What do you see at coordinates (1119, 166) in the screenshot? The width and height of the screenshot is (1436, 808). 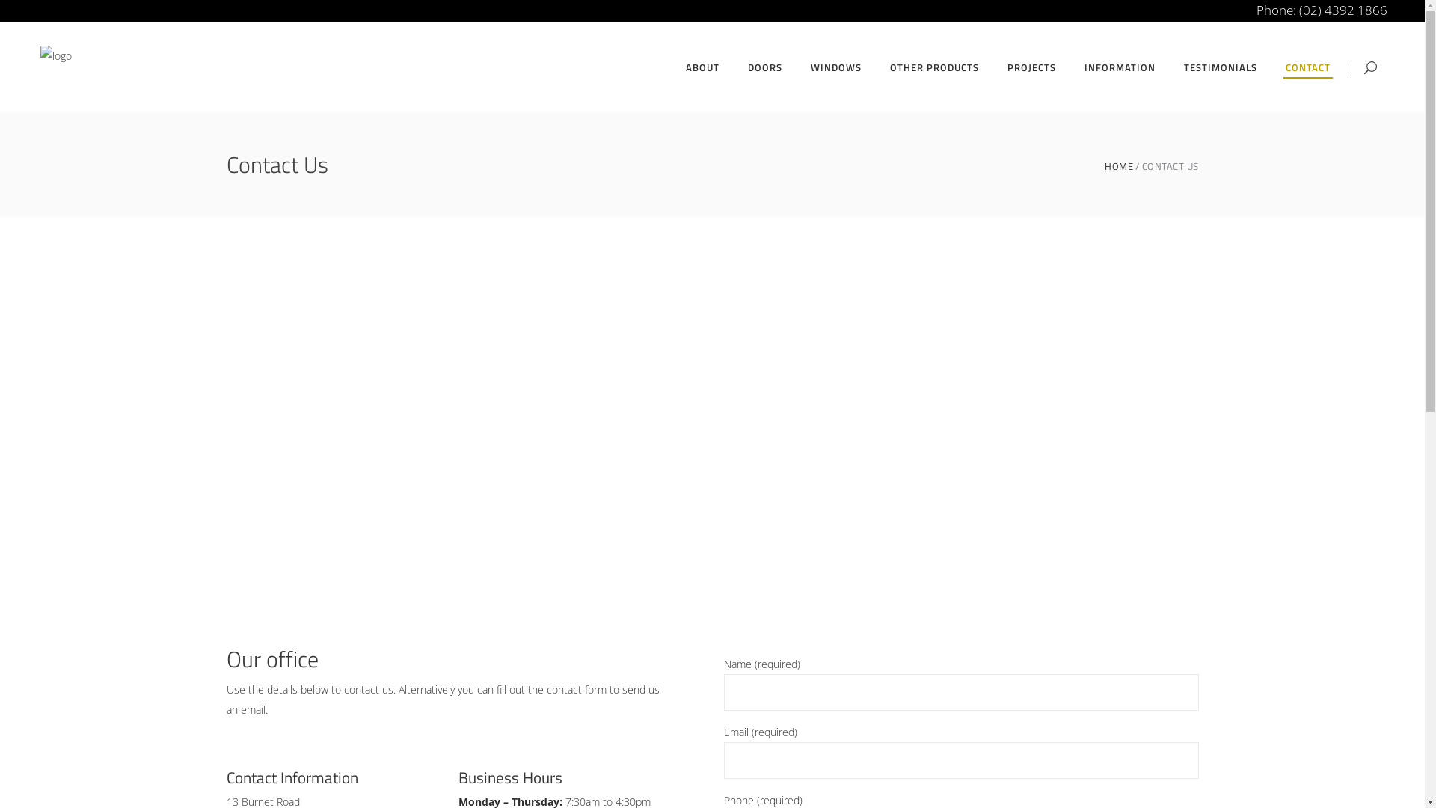 I see `'HOME'` at bounding box center [1119, 166].